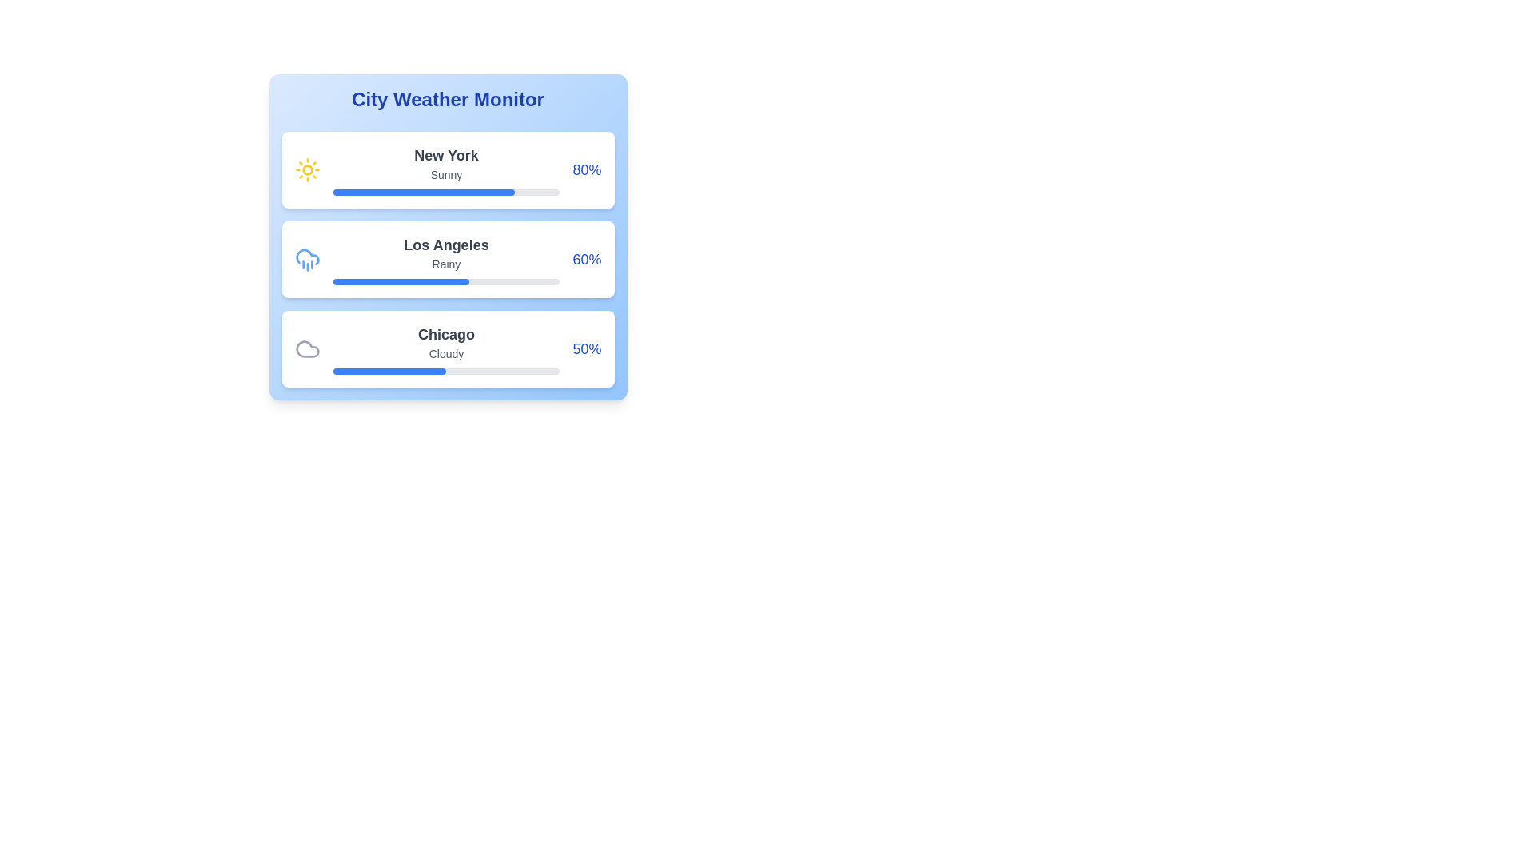 The image size is (1535, 863). I want to click on the text label displaying 'Cloudy', which is located beneath the city name 'Chicago' within the weather information card, so click(446, 353).